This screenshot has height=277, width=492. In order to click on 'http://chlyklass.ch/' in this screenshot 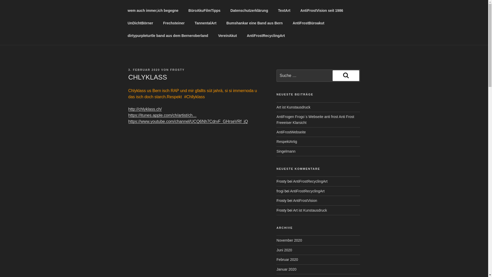, I will do `click(145, 109)`.